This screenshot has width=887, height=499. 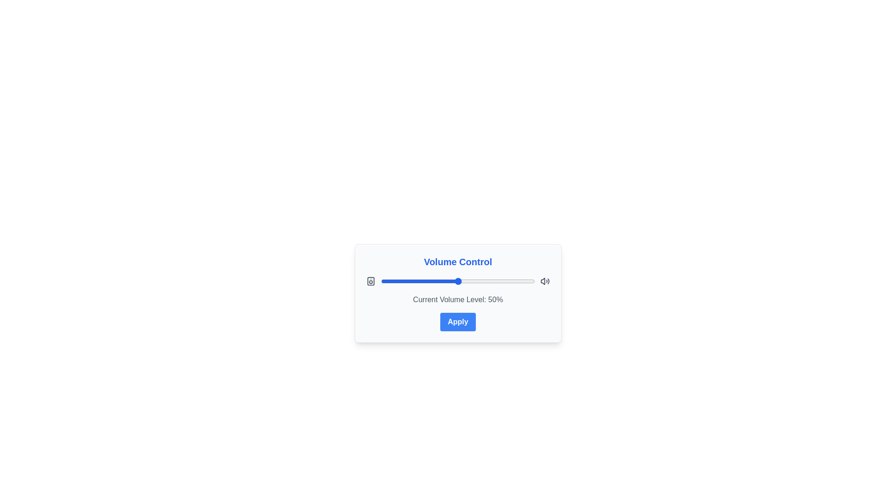 What do you see at coordinates (530, 281) in the screenshot?
I see `the slider` at bounding box center [530, 281].